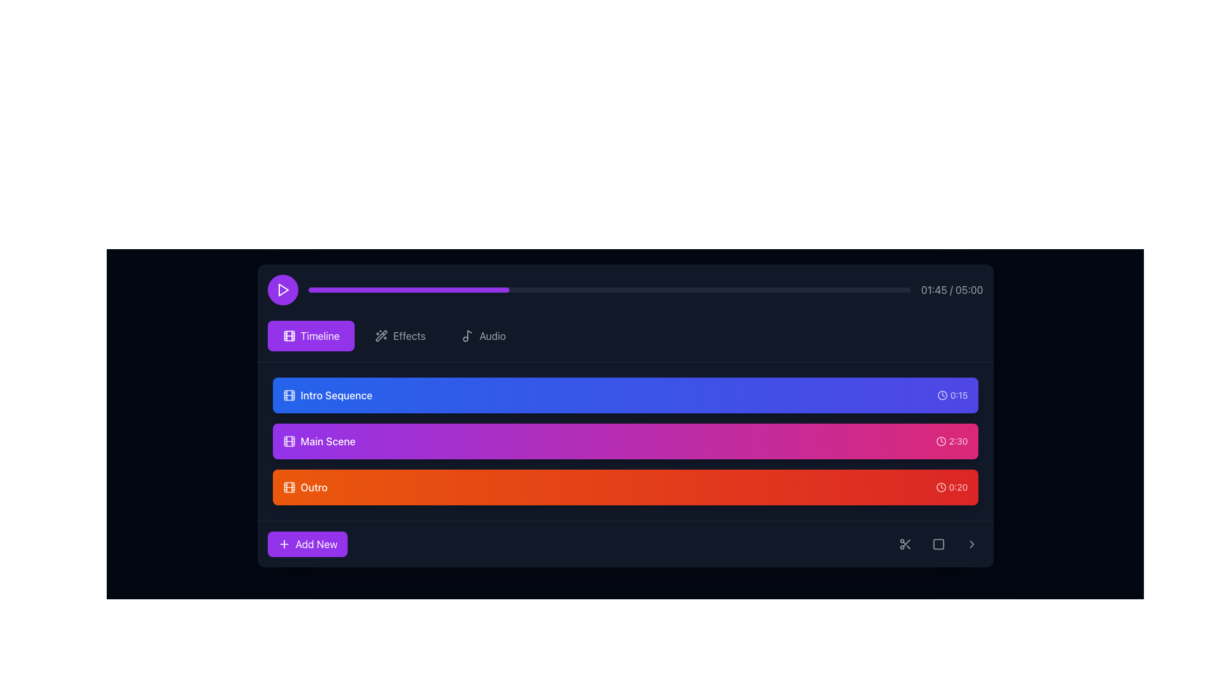 The height and width of the screenshot is (690, 1227). Describe the element at coordinates (608, 290) in the screenshot. I see `the thin, rectangular progress bar with rounded corners, which has a gray outer bar and a purple inner bar, located in the center of the upper section of the interface` at that location.